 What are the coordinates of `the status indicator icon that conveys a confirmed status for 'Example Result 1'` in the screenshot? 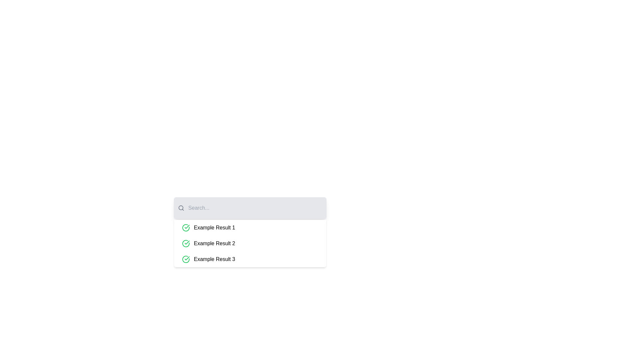 It's located at (186, 227).